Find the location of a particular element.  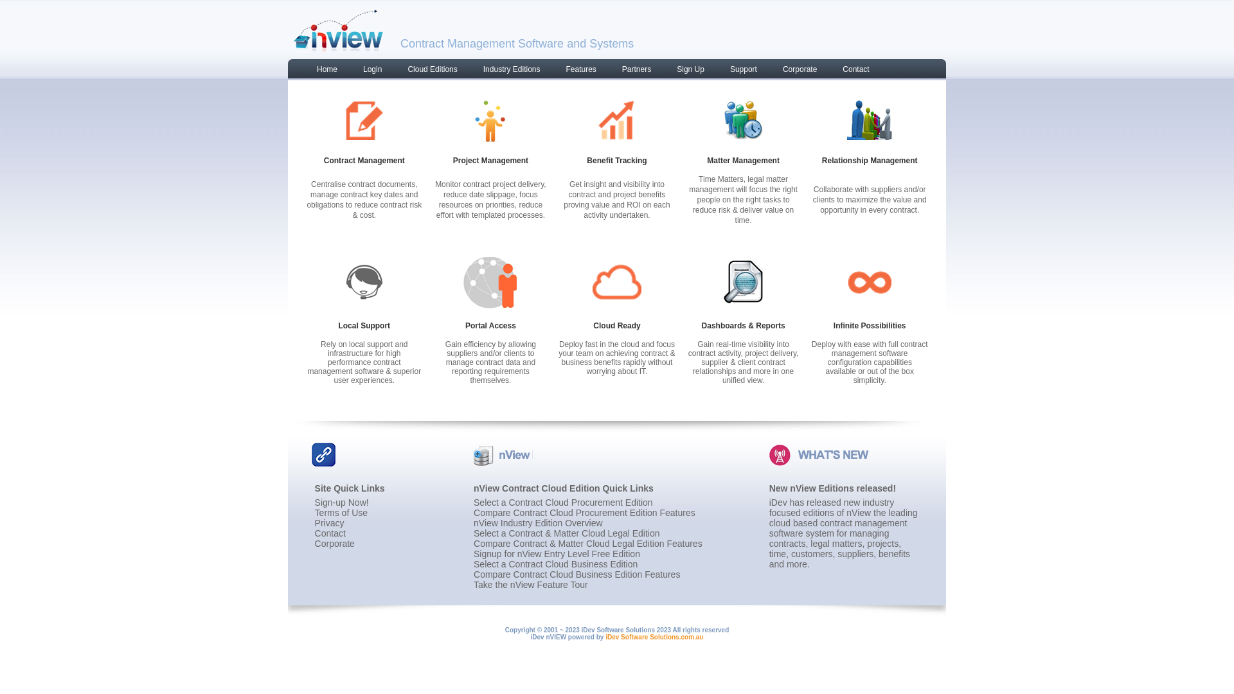

'Matter Management' is located at coordinates (743, 160).